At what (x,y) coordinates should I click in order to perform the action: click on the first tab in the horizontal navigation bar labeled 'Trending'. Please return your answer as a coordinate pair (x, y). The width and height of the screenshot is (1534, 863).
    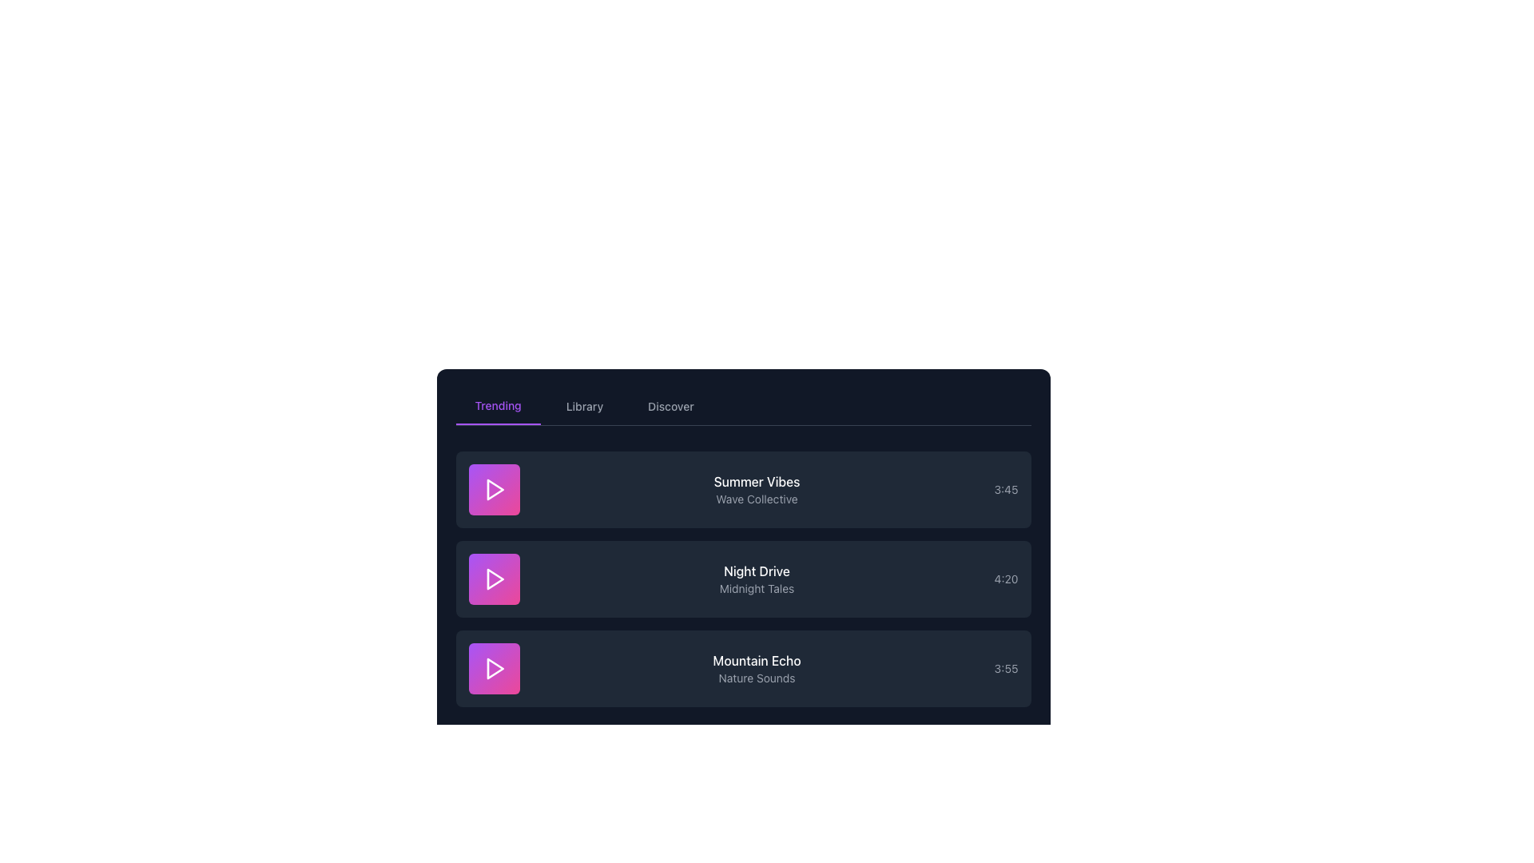
    Looking at the image, I should click on (497, 406).